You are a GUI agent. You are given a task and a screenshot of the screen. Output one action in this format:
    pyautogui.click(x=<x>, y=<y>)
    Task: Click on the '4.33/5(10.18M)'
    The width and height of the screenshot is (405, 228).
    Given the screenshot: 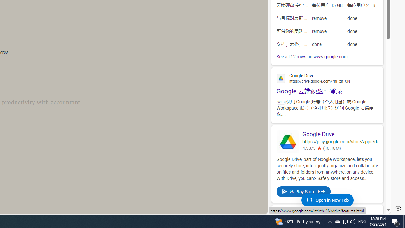 What is the action you would take?
    pyautogui.click(x=340, y=149)
    